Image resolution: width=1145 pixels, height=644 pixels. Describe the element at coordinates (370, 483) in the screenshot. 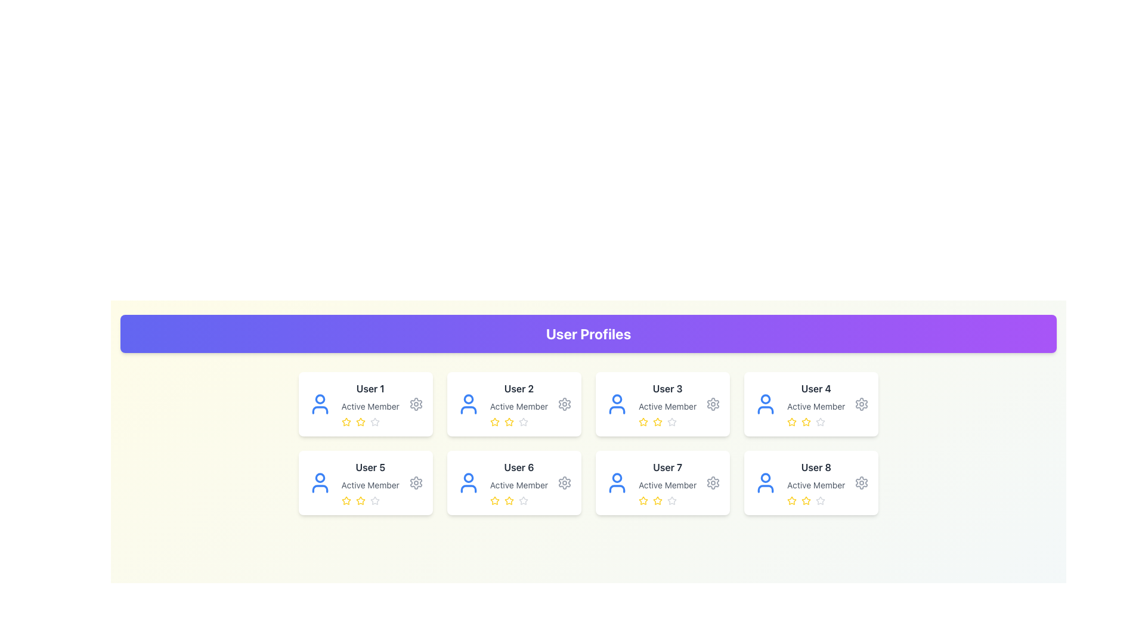

I see `the star icon to rate the user in the profile card located in the second row and first column of the grid layout` at that location.